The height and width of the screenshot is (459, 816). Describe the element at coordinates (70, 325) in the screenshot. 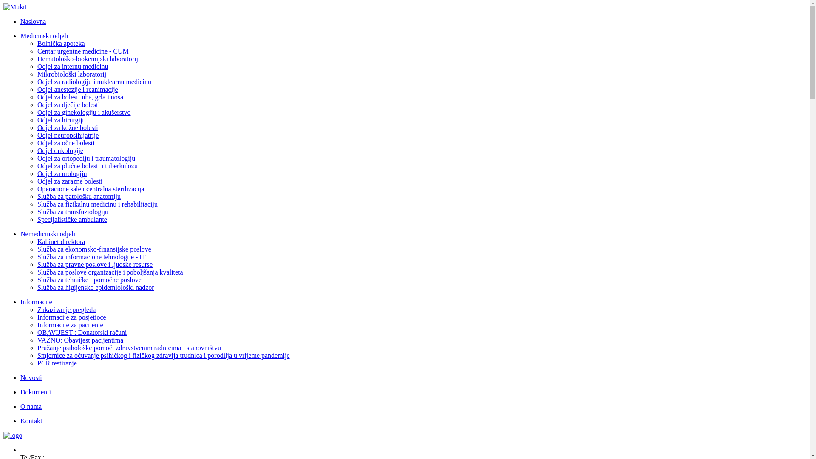

I see `'Informacije za pacijente'` at that location.